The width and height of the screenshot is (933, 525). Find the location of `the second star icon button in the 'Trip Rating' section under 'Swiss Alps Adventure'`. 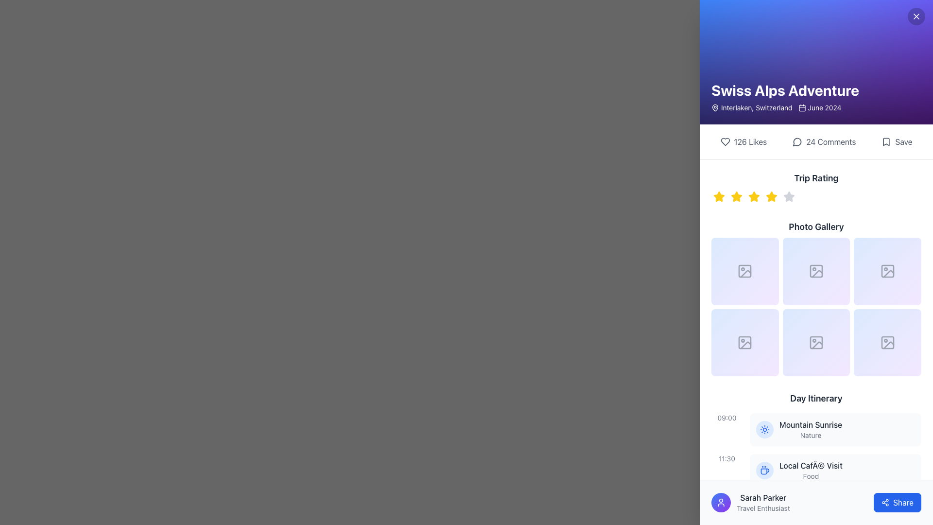

the second star icon button in the 'Trip Rating' section under 'Swiss Alps Adventure' is located at coordinates (737, 196).